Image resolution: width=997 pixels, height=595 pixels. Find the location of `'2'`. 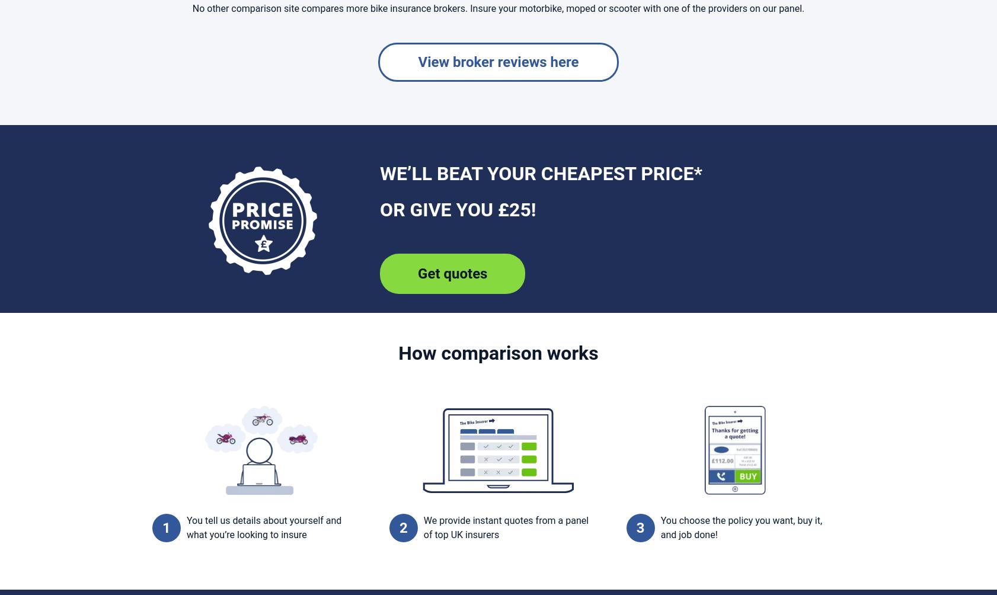

'2' is located at coordinates (403, 527).